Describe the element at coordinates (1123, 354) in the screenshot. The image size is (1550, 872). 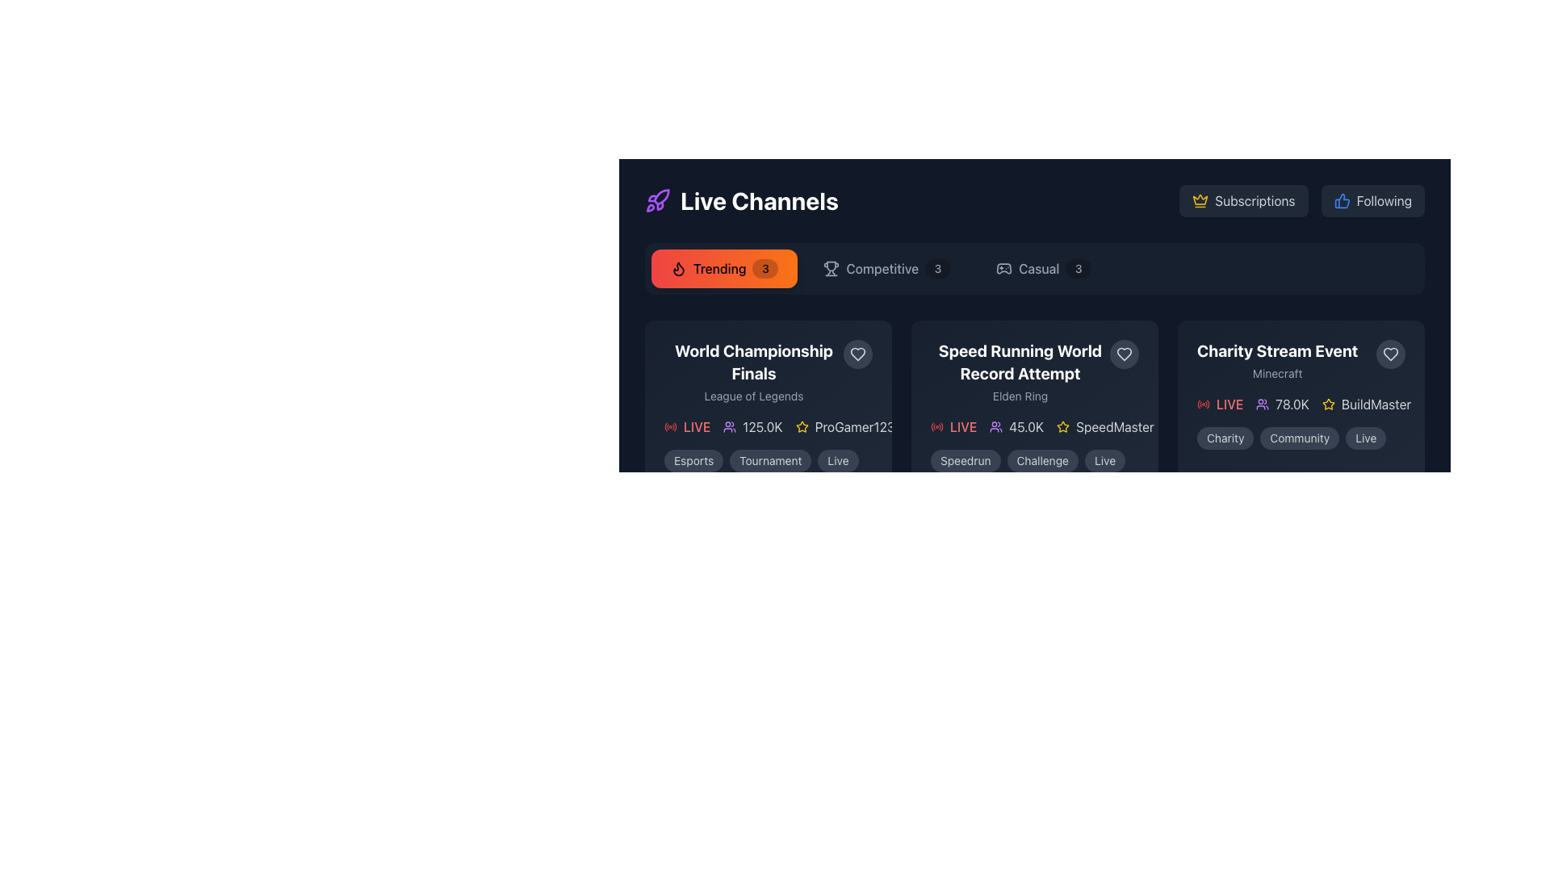
I see `the heart-shaped icon with a hollow outline and subtle gray fill located at the top-right corner of the 'Charity Stream Event' card to favorite the associated item` at that location.